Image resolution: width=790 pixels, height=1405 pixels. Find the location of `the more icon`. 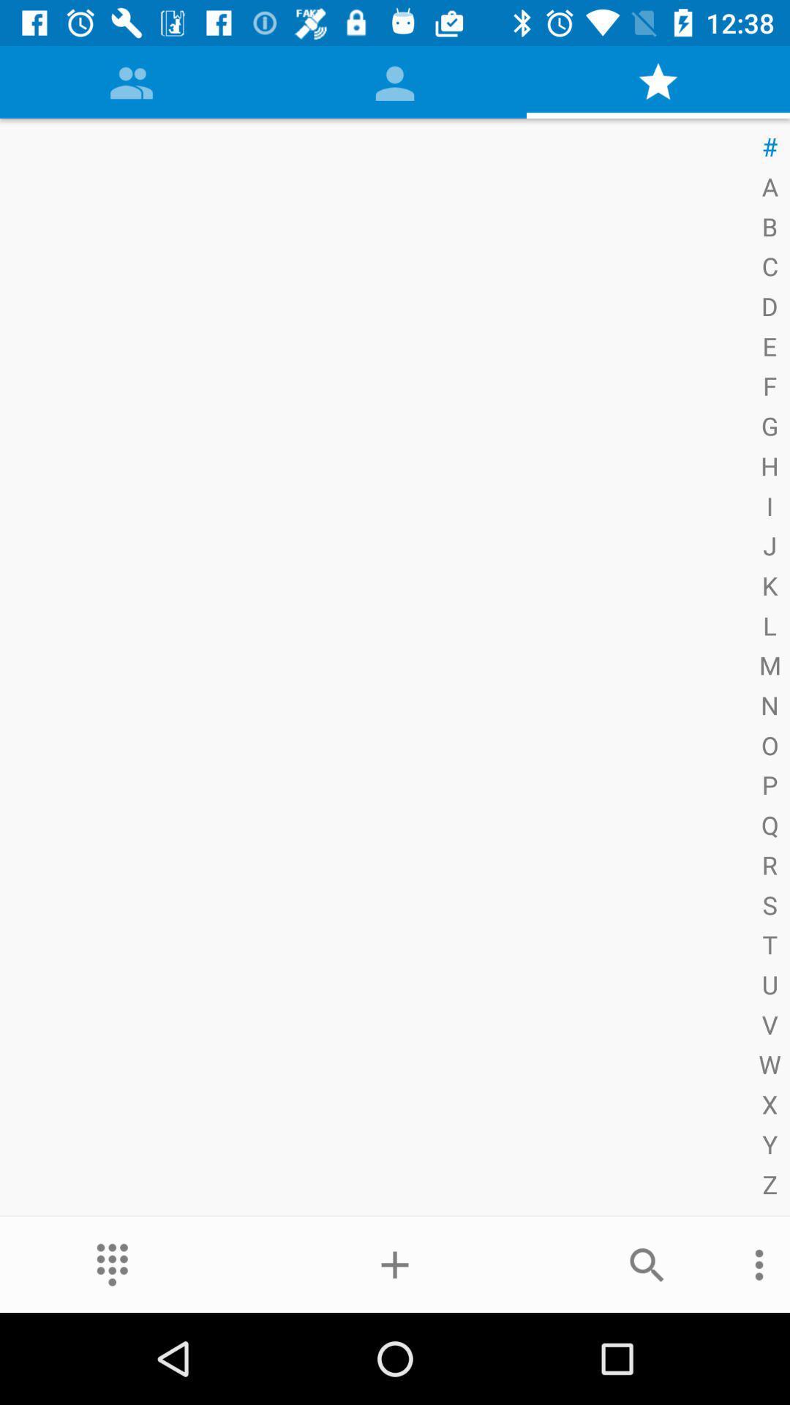

the more icon is located at coordinates (111, 1264).